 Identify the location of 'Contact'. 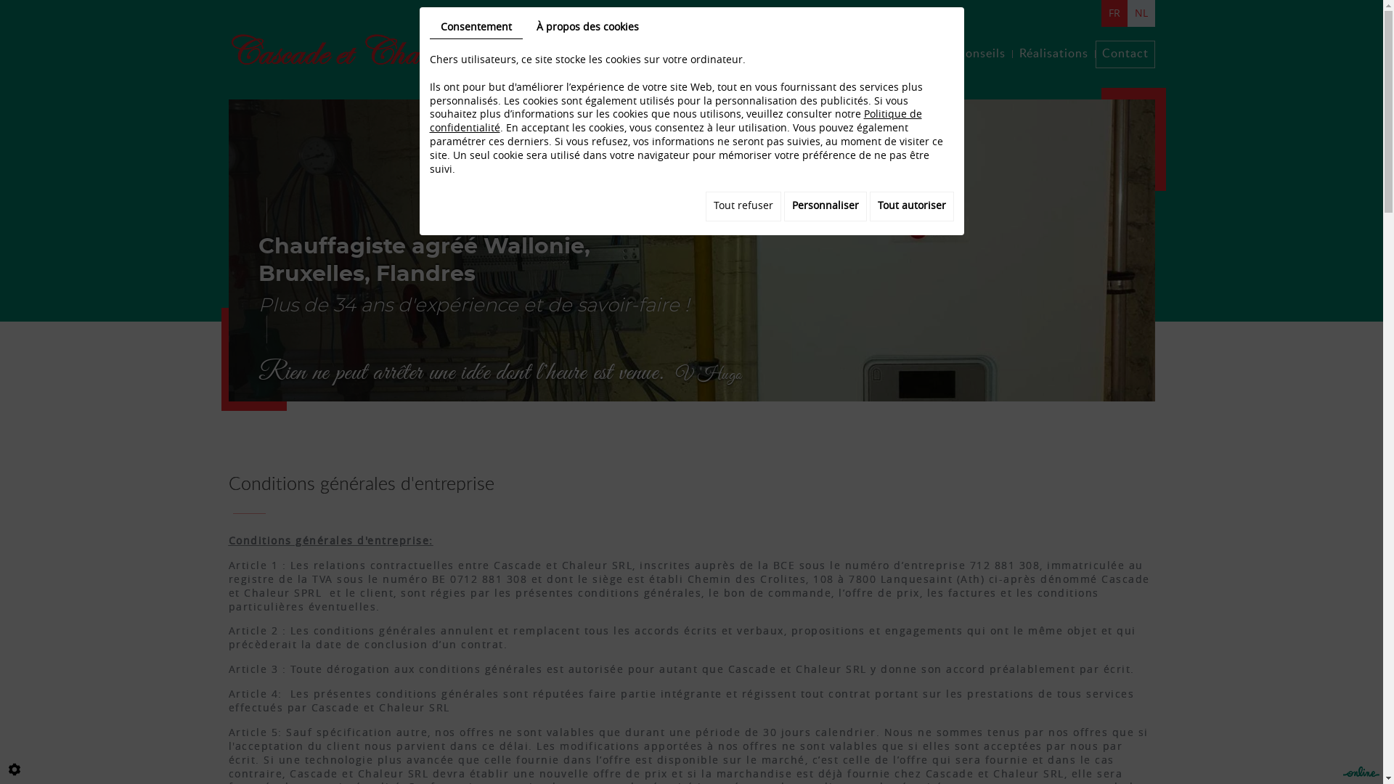
(1124, 53).